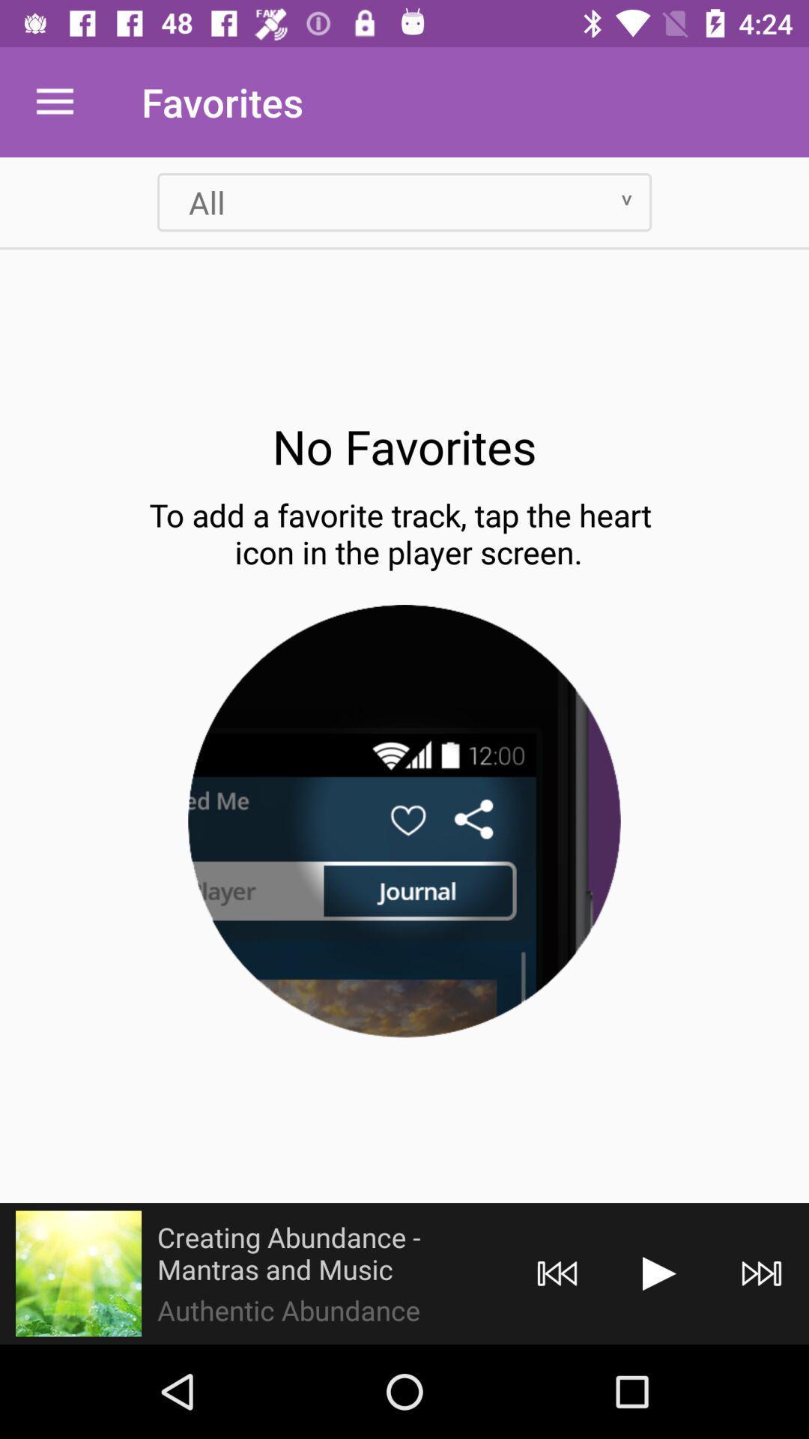  What do you see at coordinates (658, 1273) in the screenshot?
I see `music track` at bounding box center [658, 1273].